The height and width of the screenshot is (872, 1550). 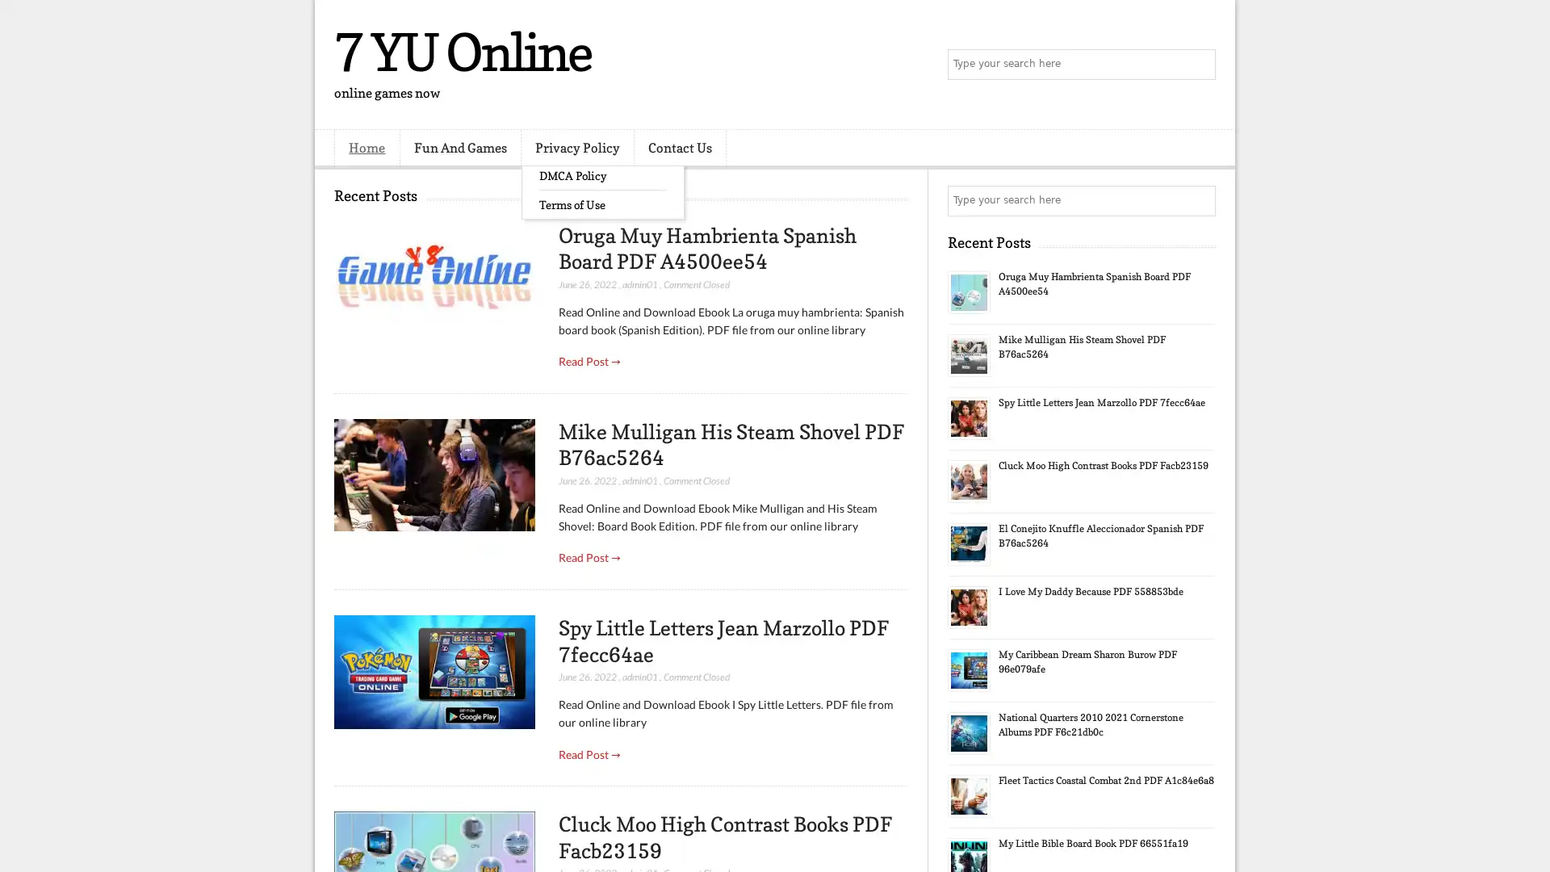 I want to click on Search, so click(x=1199, y=200).